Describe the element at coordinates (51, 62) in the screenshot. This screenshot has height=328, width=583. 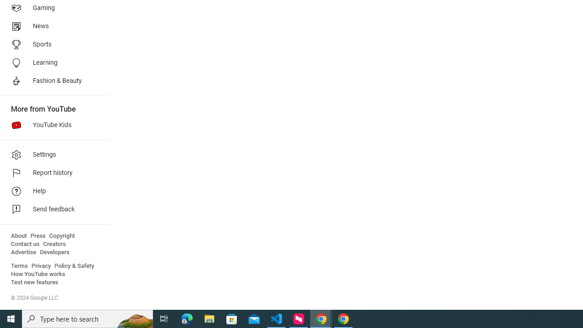
I see `'Learning'` at that location.